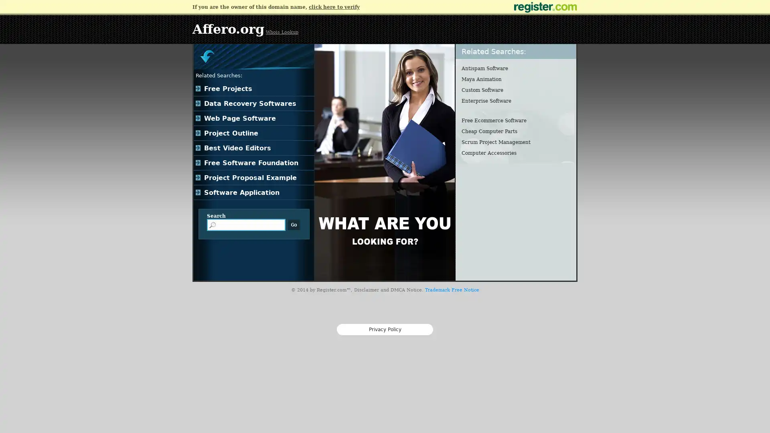 The height and width of the screenshot is (433, 770). What do you see at coordinates (294, 225) in the screenshot?
I see `Go` at bounding box center [294, 225].